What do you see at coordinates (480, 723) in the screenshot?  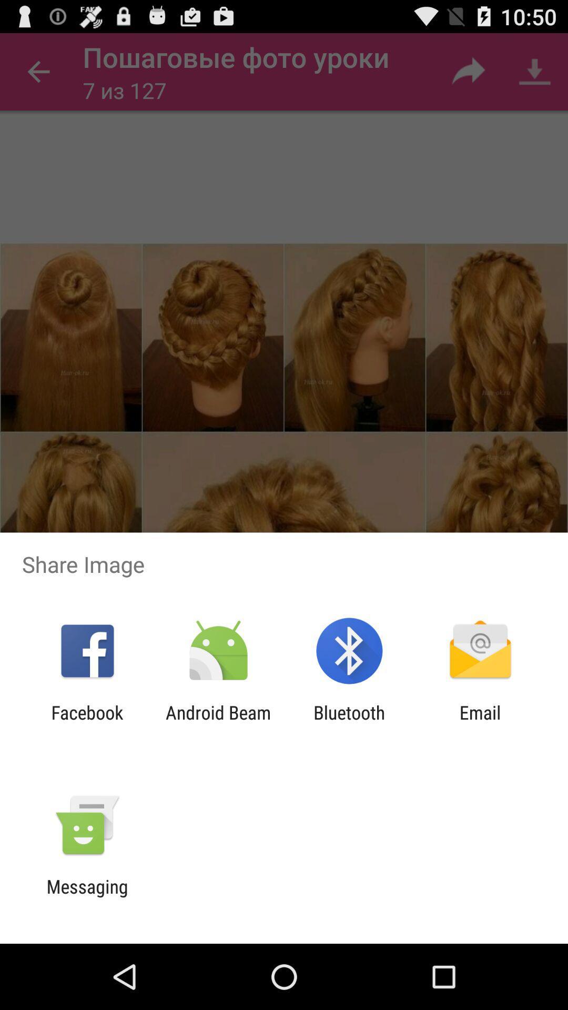 I see `item to the right of bluetooth item` at bounding box center [480, 723].